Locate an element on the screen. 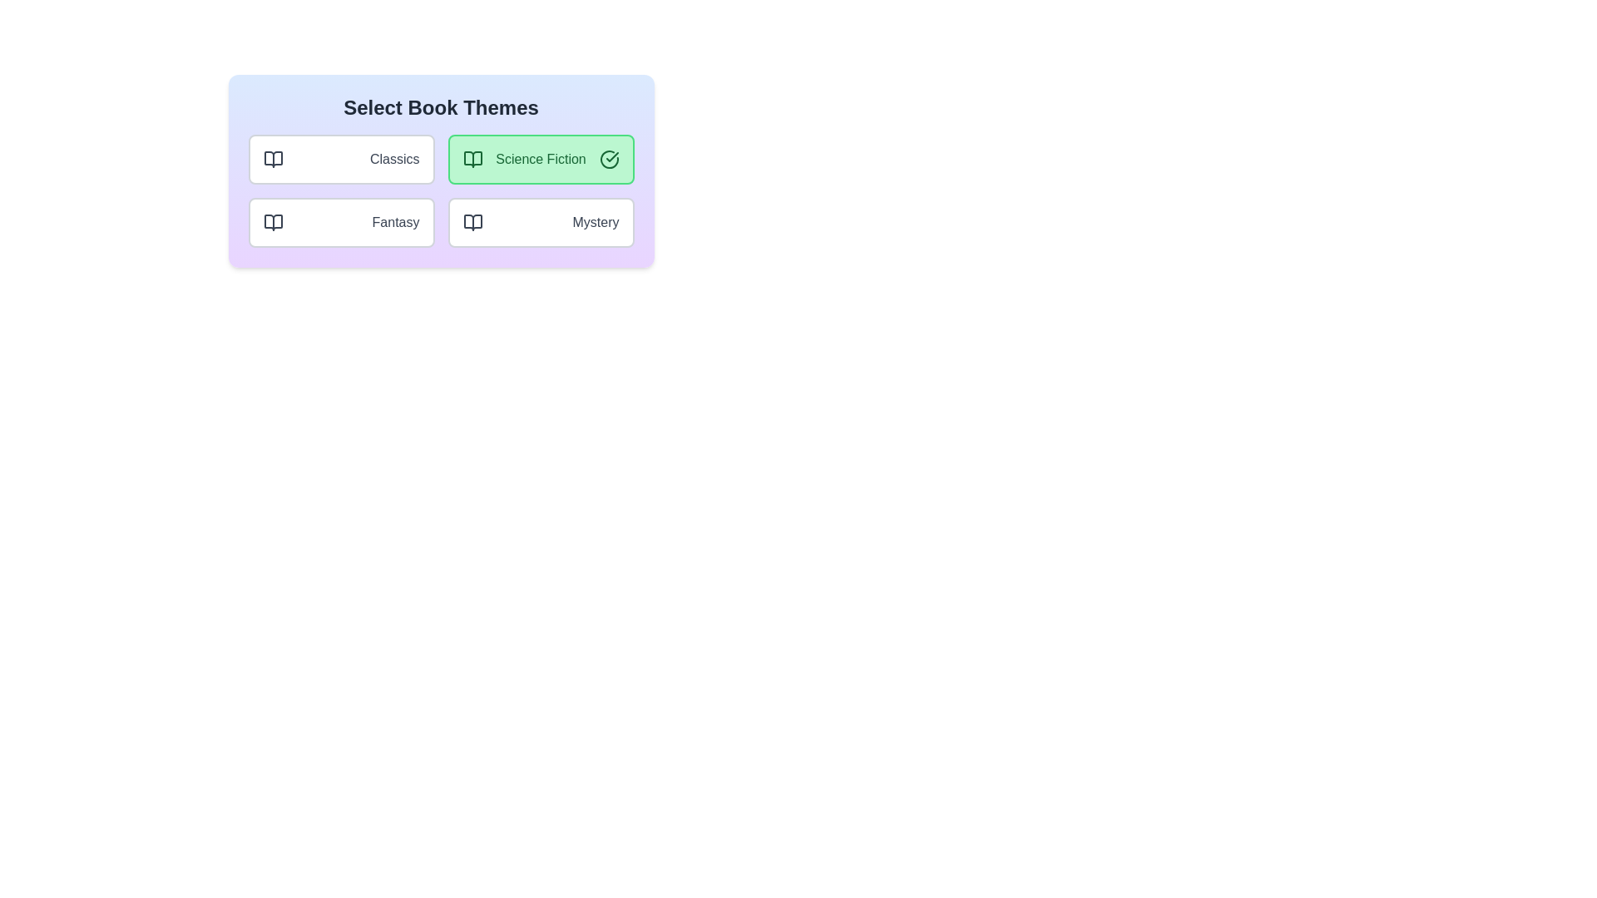  the theme Classics is located at coordinates (340, 160).